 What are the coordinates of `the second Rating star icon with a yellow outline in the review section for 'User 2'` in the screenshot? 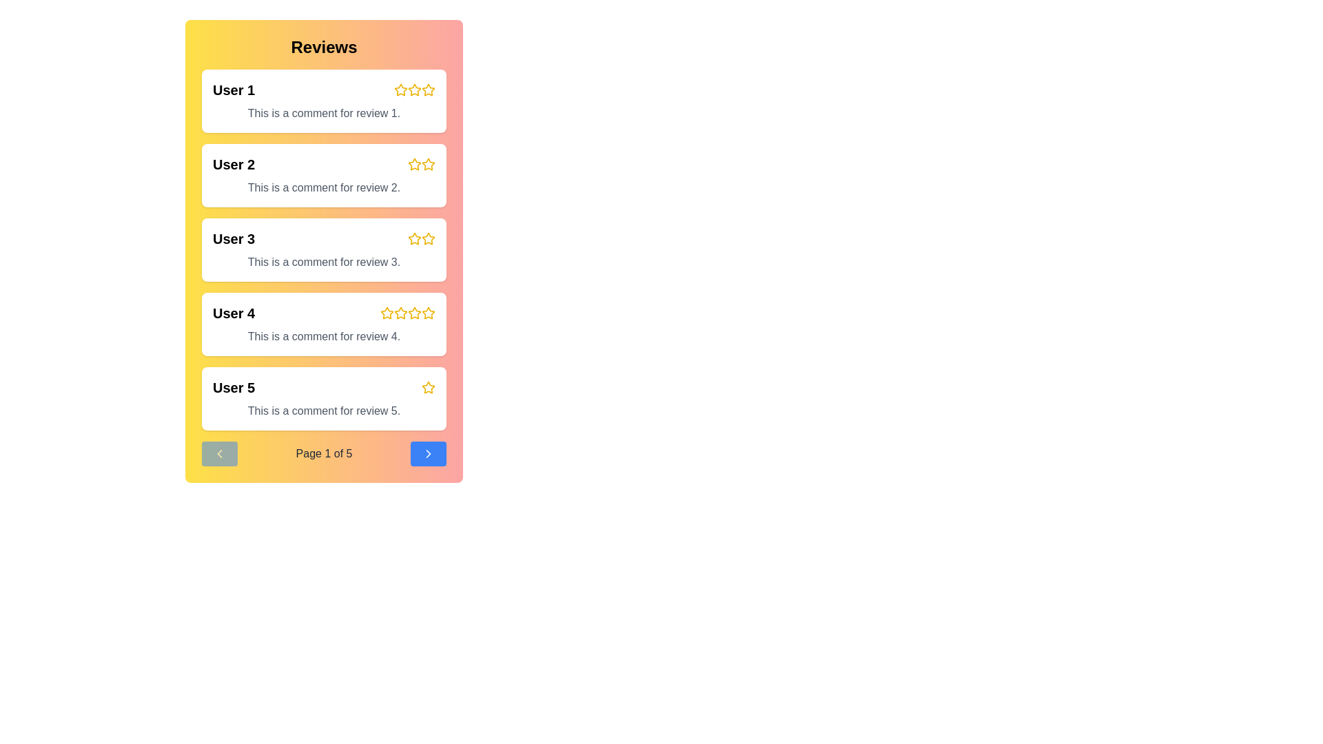 It's located at (428, 164).